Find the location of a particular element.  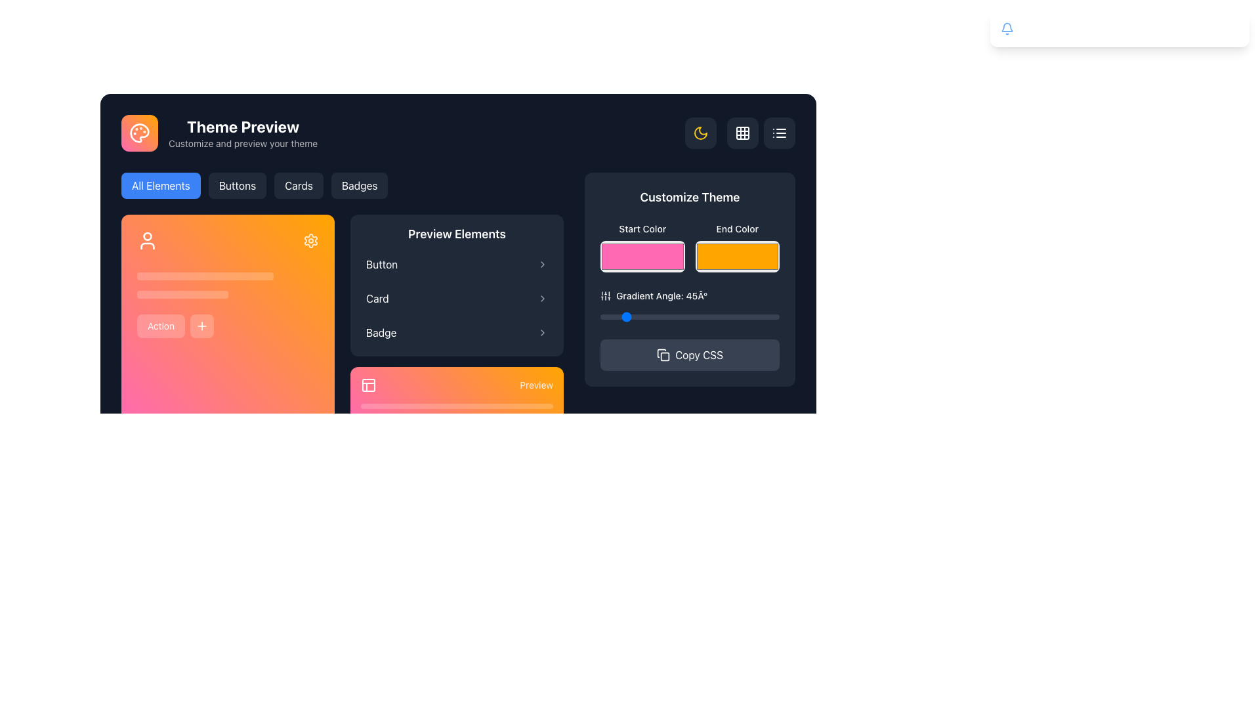

the dark-colored square icon with rounded corners located in the top-right corner of the grid interface is located at coordinates (743, 133).